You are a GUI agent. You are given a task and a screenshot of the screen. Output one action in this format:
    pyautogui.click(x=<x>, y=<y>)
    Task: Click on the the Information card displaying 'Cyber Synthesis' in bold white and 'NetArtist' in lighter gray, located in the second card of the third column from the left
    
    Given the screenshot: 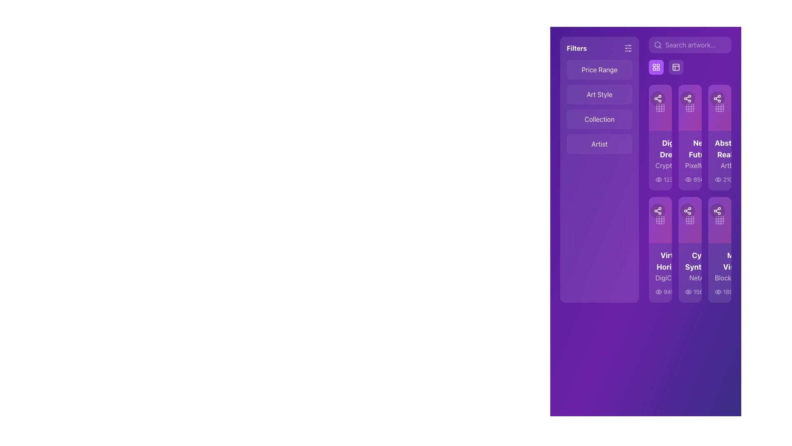 What is the action you would take?
    pyautogui.click(x=690, y=273)
    